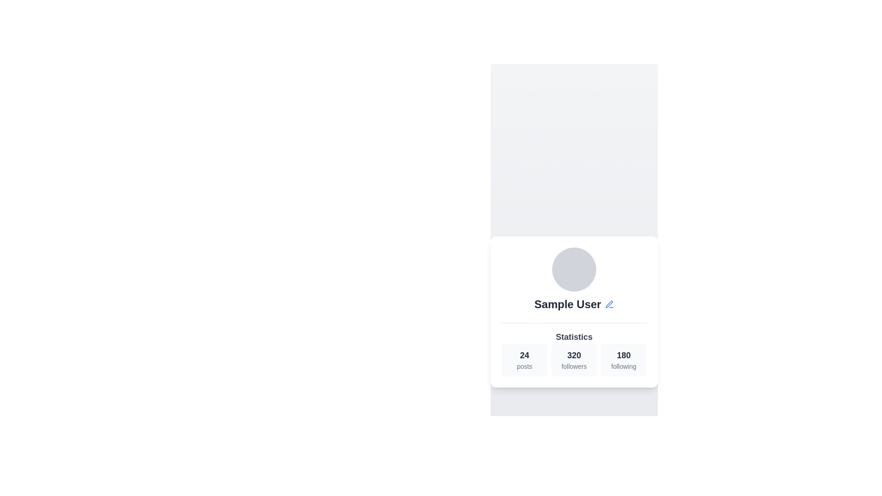 The image size is (882, 496). Describe the element at coordinates (525, 366) in the screenshot. I see `the Text label that provides context to the associated numeric value indicating the number of posts, located below the '24' numeric value in the leftmost statistics card under the user profile section` at that location.